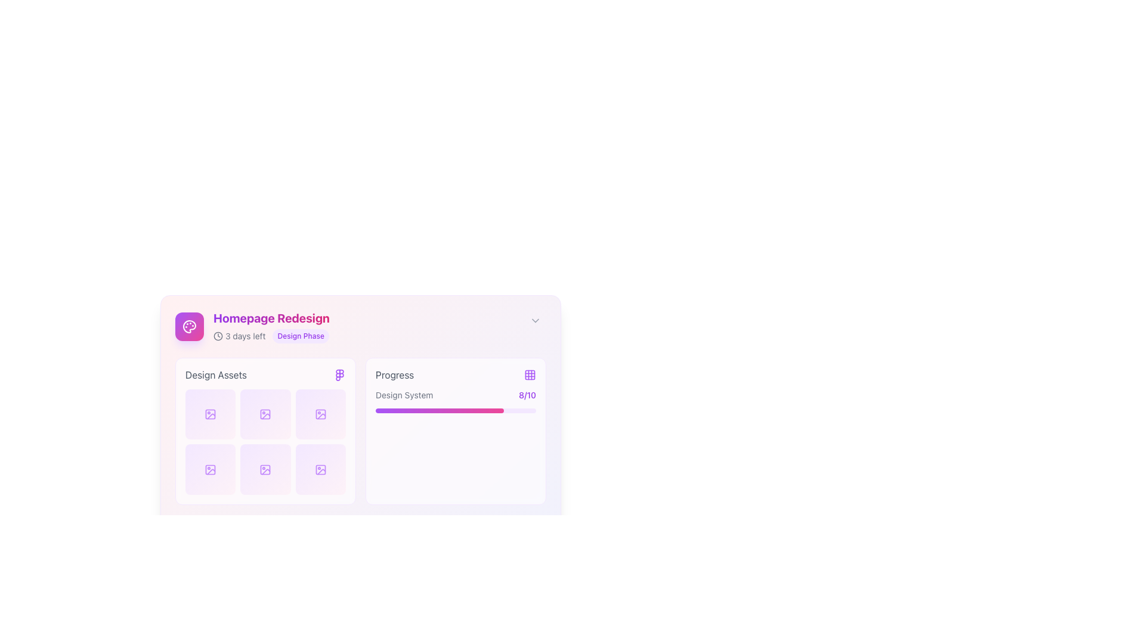  What do you see at coordinates (455, 401) in the screenshot?
I see `progress value displayed in the Composite progress indicator, which shows a numerical score and a graphical progress bar, located in the 'Progress' section of the interface` at bounding box center [455, 401].